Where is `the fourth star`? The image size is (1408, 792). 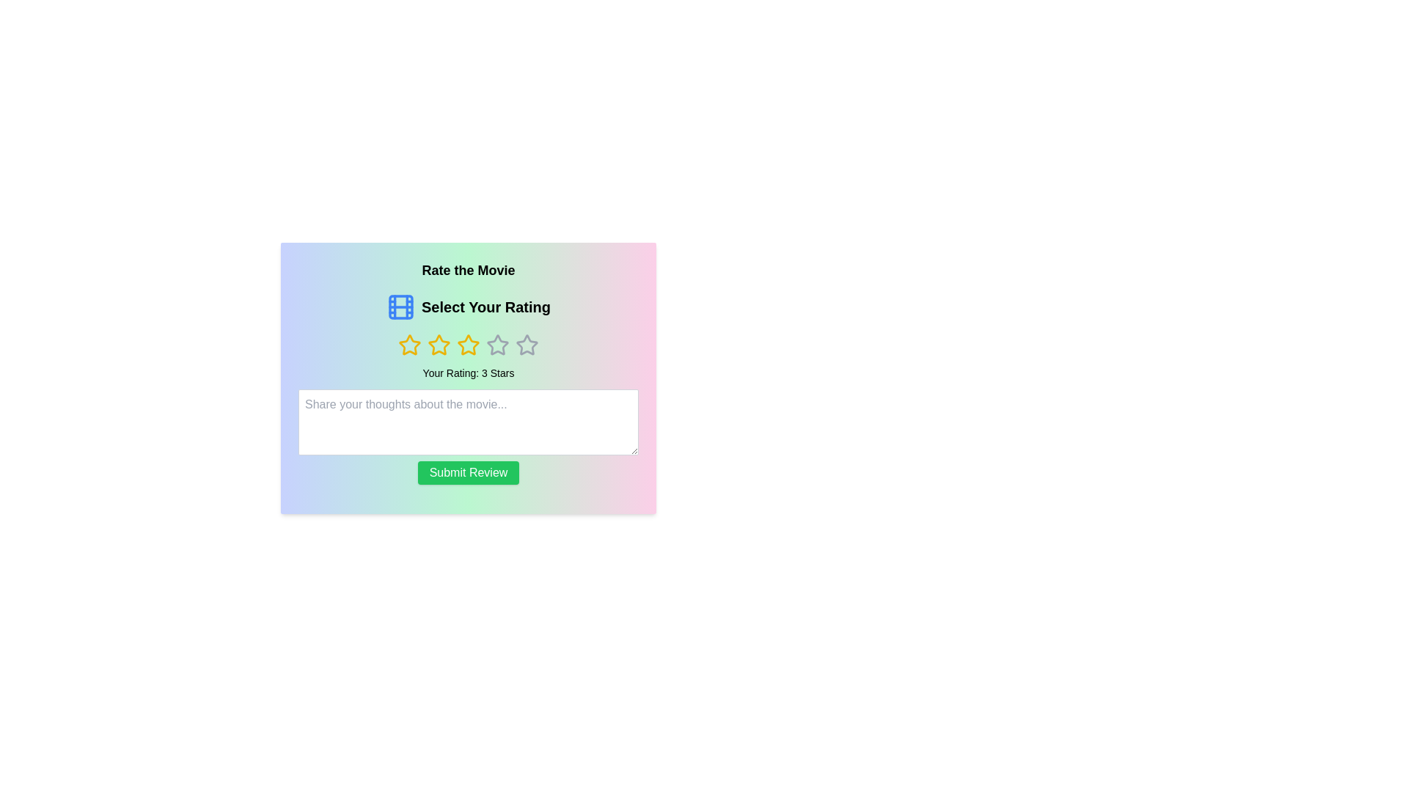
the fourth star is located at coordinates (527, 345).